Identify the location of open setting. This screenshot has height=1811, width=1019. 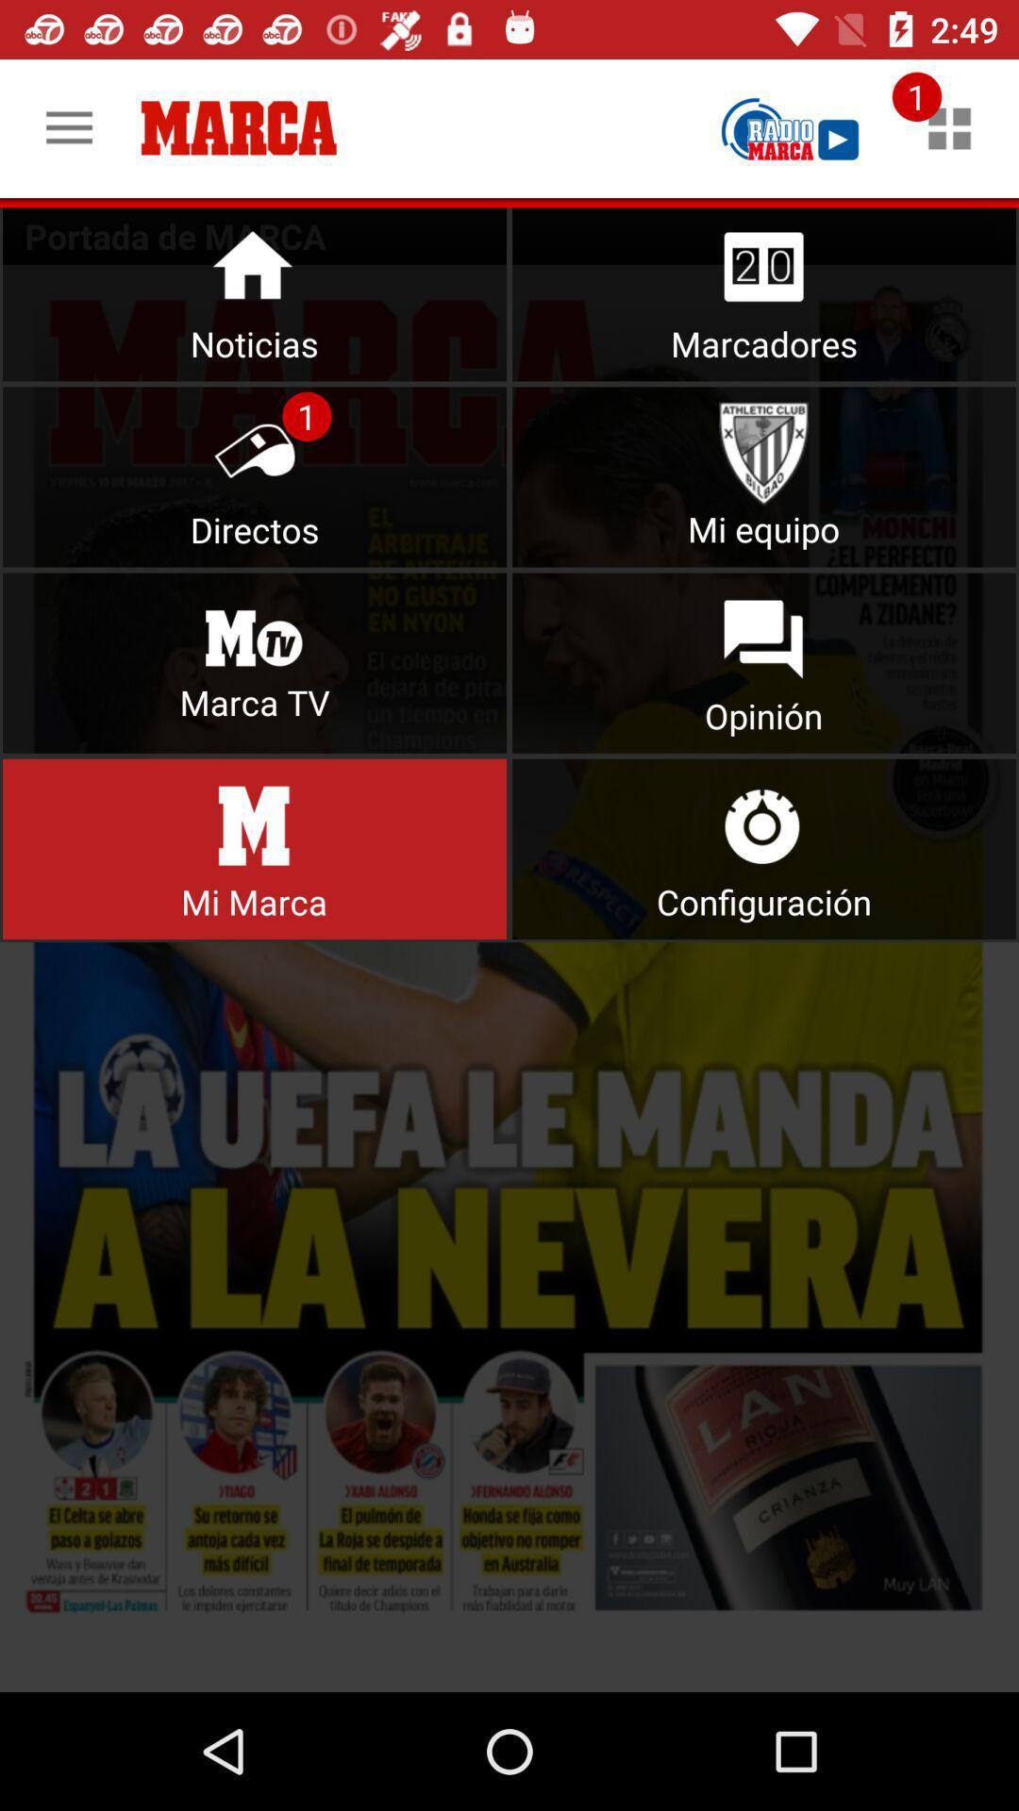
(764, 848).